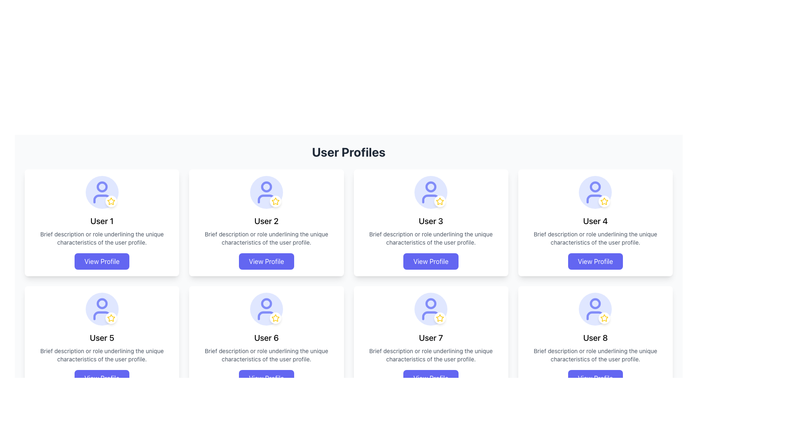 The height and width of the screenshot is (444, 791). What do you see at coordinates (595, 378) in the screenshot?
I see `the 'View Profile' button, which is a rectangular button with white text on a purple background and rounded edges, located in the bottom-right corner of the grid layout` at bounding box center [595, 378].